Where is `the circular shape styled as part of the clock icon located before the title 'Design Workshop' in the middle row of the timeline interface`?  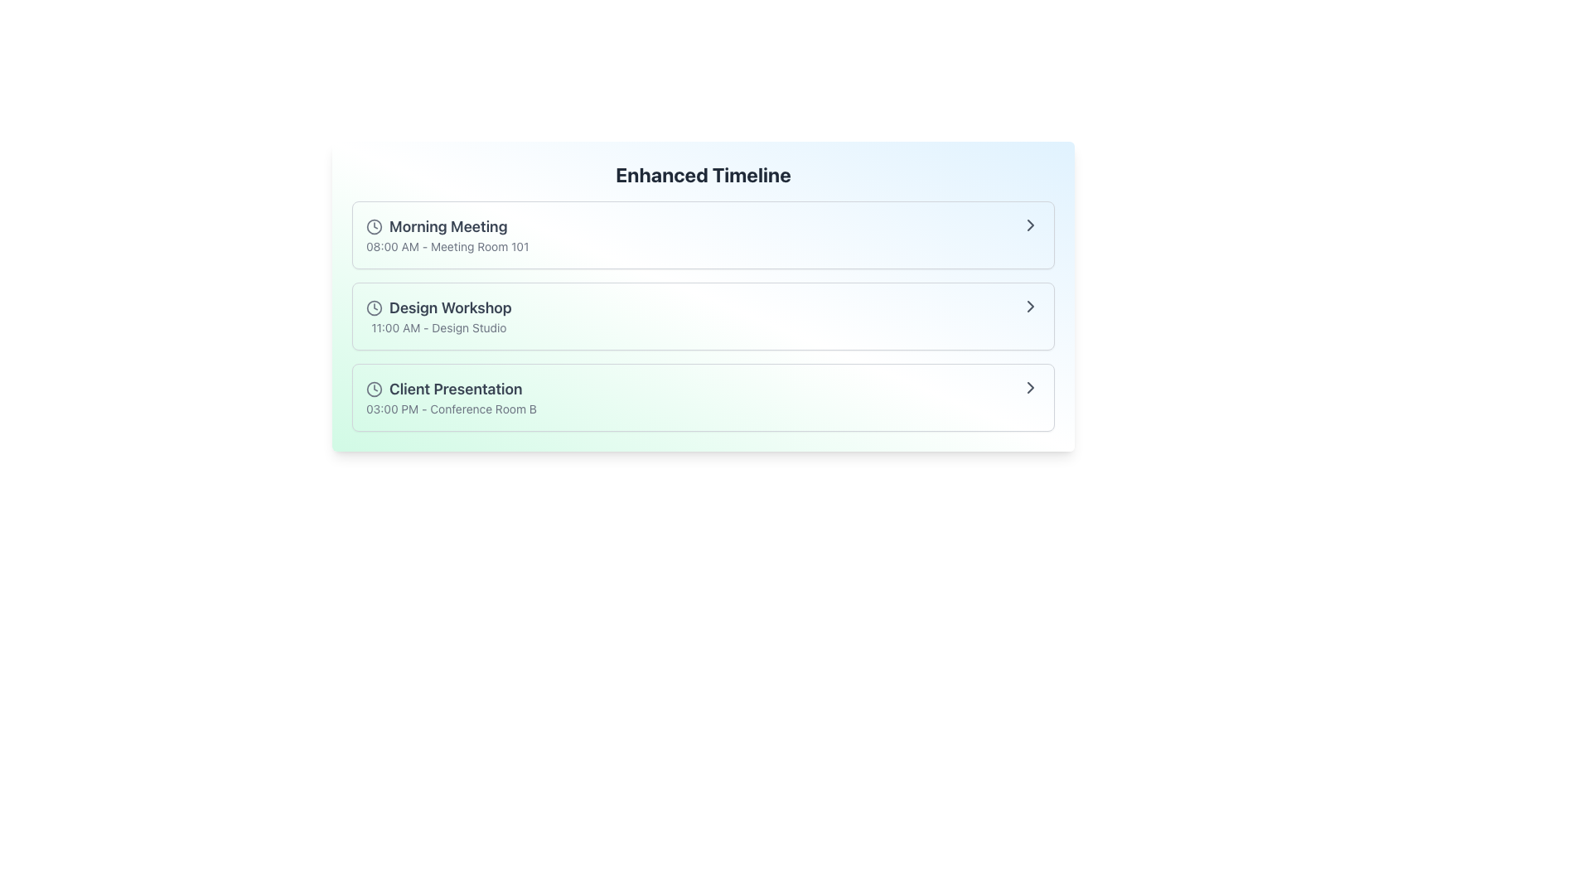 the circular shape styled as part of the clock icon located before the title 'Design Workshop' in the middle row of the timeline interface is located at coordinates (373, 307).